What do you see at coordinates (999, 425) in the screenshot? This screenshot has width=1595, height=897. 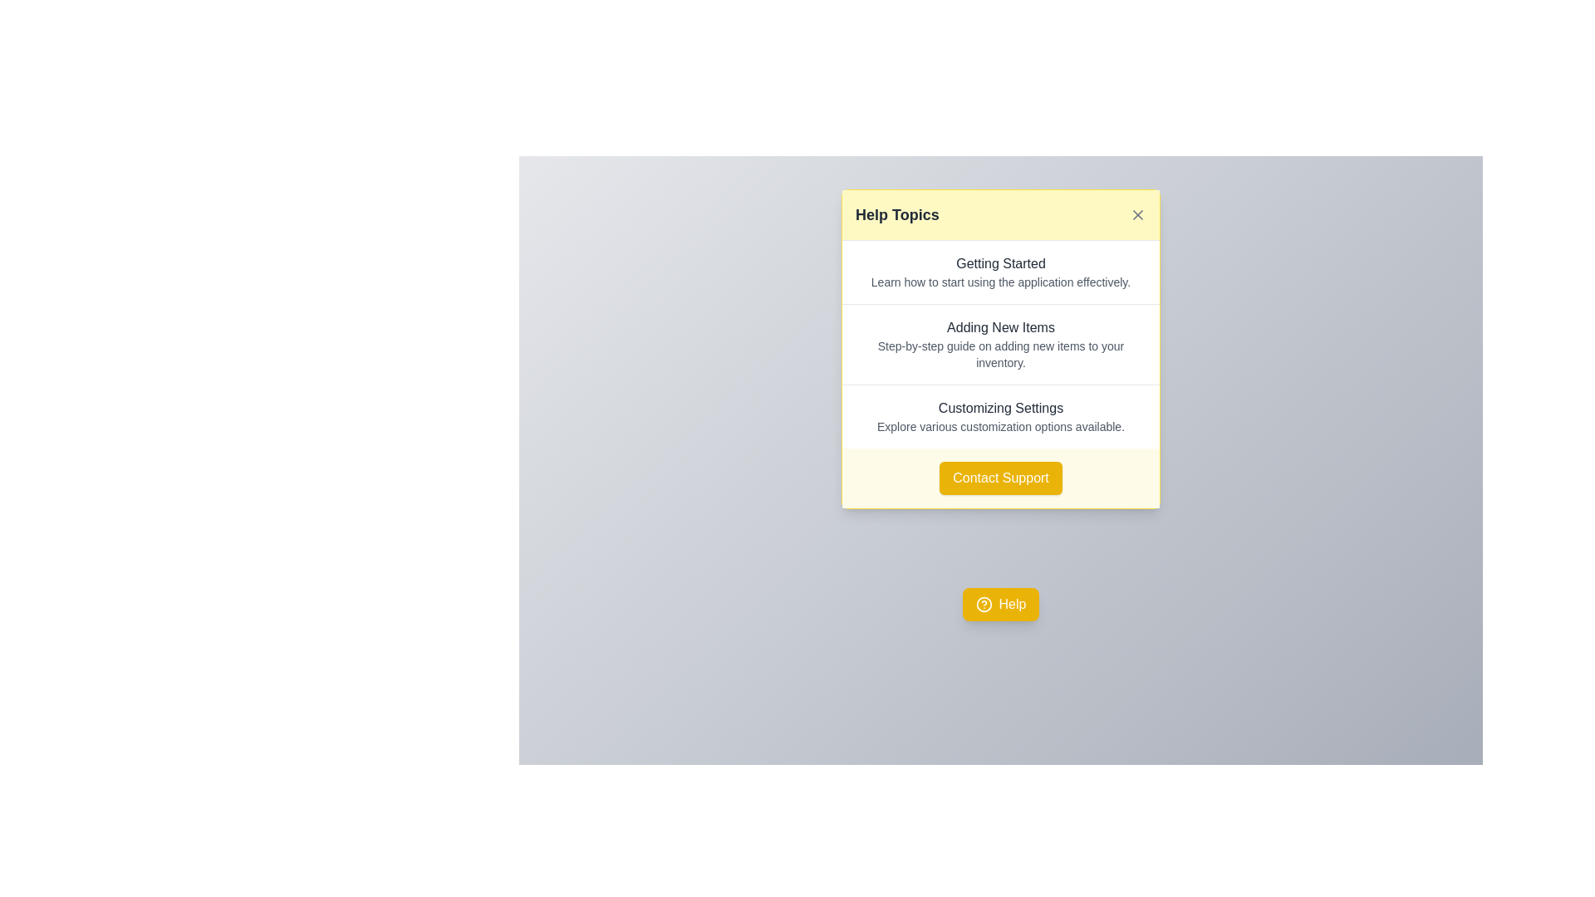 I see `the text label that reads 'Explore various customization options available.' which is located directly below 'Customizing Settings' in the Help Topics section` at bounding box center [999, 425].